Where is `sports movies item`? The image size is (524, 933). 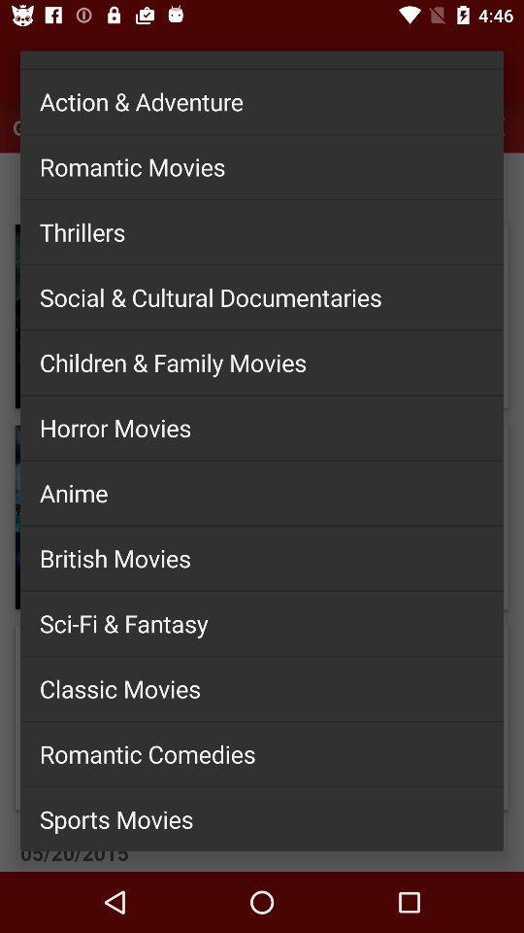
sports movies item is located at coordinates (262, 817).